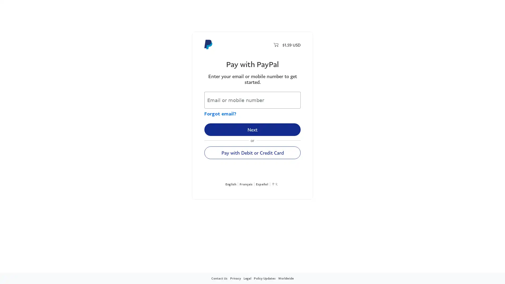  What do you see at coordinates (252, 153) in the screenshot?
I see `Pay with Debit or Credit Card` at bounding box center [252, 153].